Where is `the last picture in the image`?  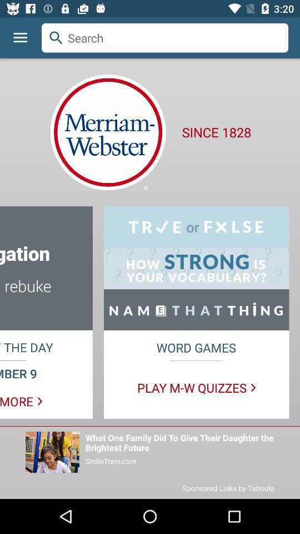
the last picture in the image is located at coordinates (52, 452).